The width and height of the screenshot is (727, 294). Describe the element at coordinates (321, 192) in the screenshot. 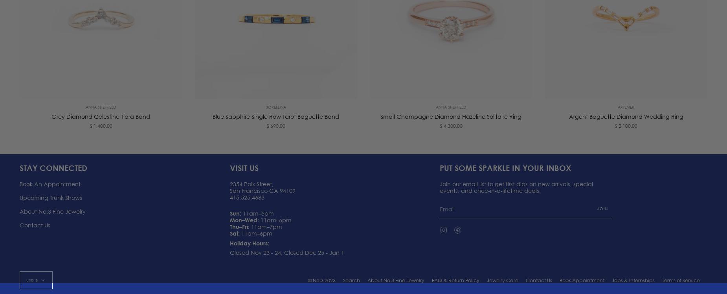

I see `'© No.3 2023'` at that location.